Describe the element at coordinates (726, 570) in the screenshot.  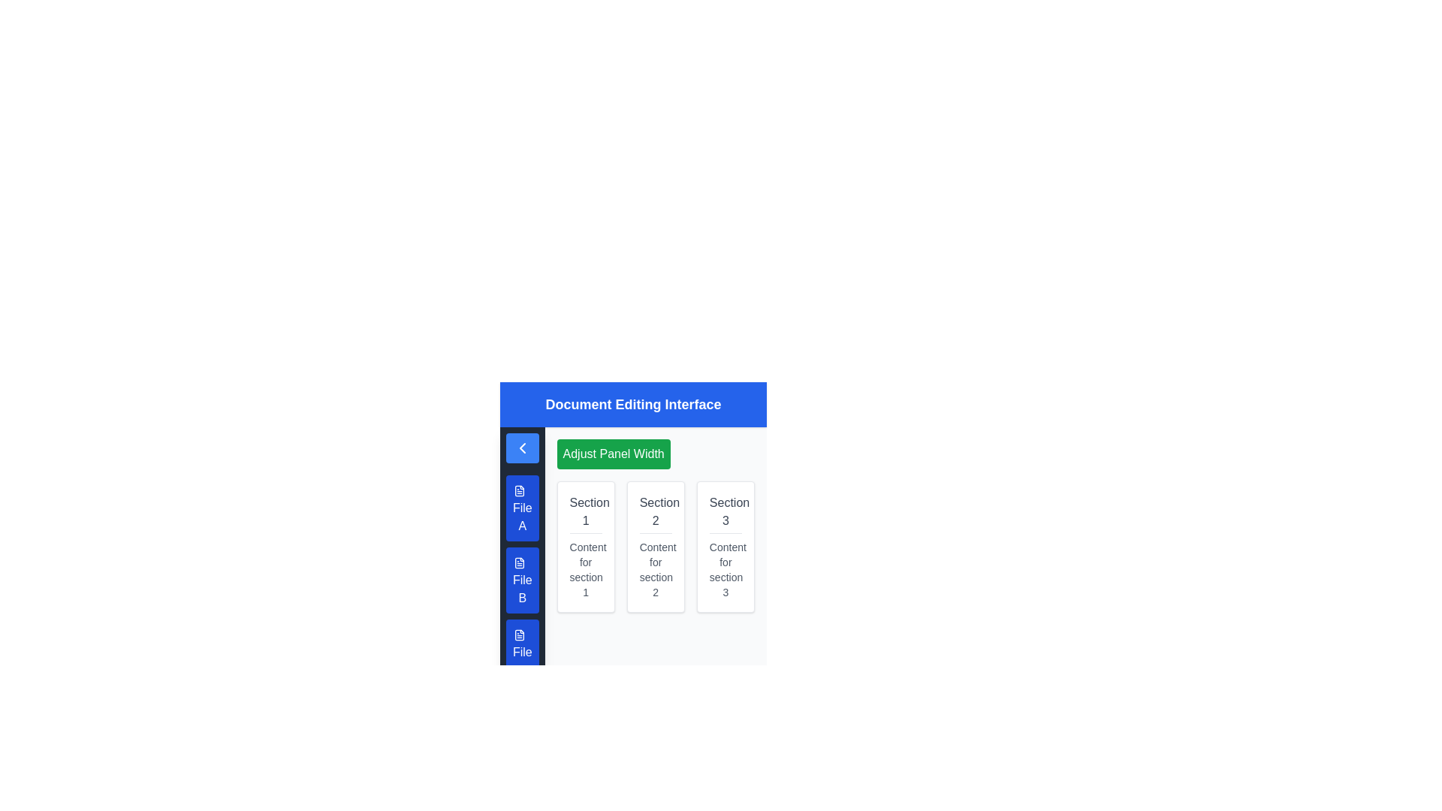
I see `the static text label displaying 'Content for section 3', which is located below the title 'Section 3' within a bordered white box` at that location.